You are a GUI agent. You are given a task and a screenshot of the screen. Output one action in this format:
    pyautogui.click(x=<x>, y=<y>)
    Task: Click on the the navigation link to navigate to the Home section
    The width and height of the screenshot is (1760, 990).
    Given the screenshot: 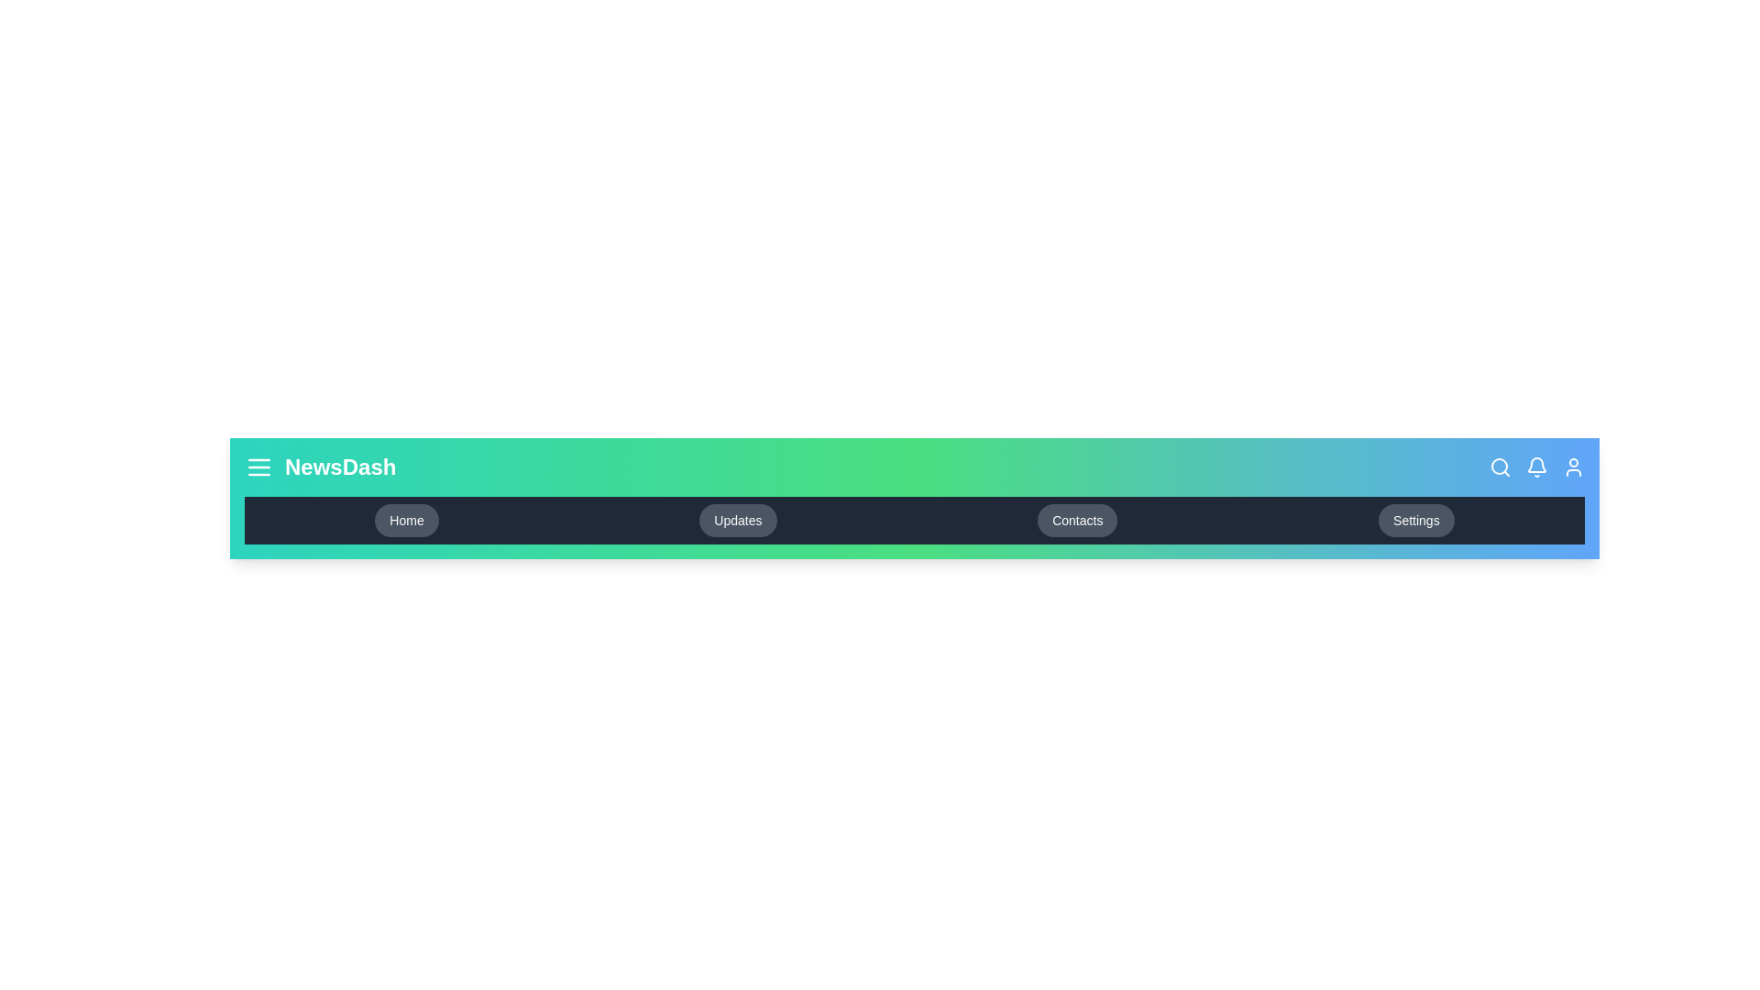 What is the action you would take?
    pyautogui.click(x=406, y=520)
    